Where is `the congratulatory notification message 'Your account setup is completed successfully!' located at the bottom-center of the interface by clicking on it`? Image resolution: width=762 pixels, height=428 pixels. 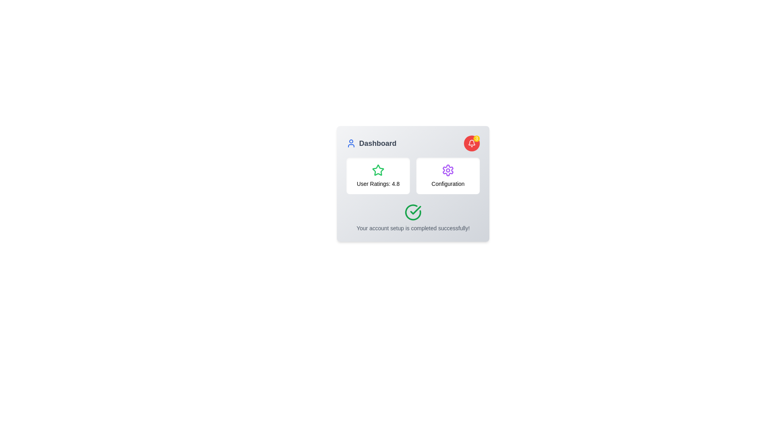
the congratulatory notification message 'Your account setup is completed successfully!' located at the bottom-center of the interface by clicking on it is located at coordinates (413, 218).